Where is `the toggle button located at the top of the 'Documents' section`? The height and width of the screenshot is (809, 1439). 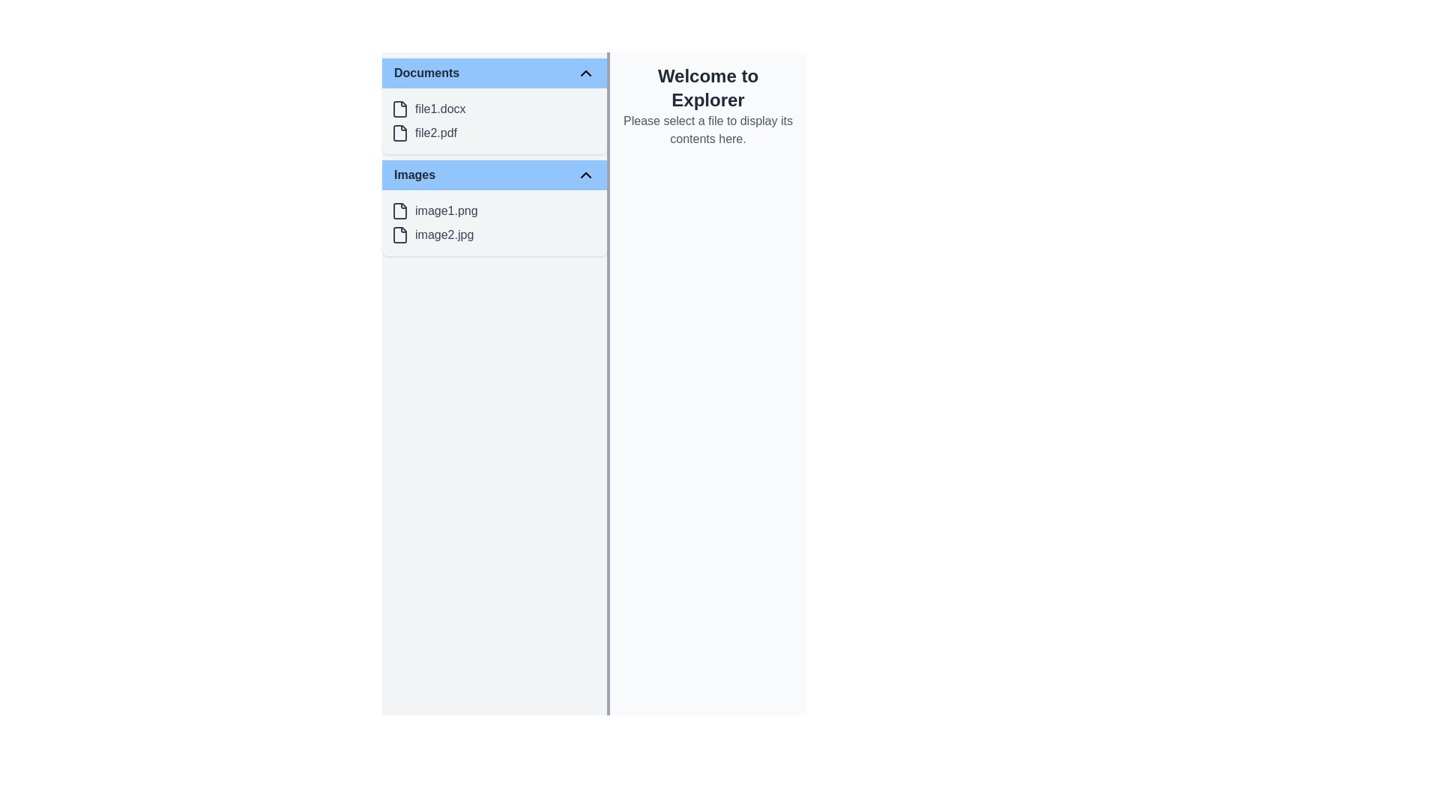 the toggle button located at the top of the 'Documents' section is located at coordinates (495, 73).